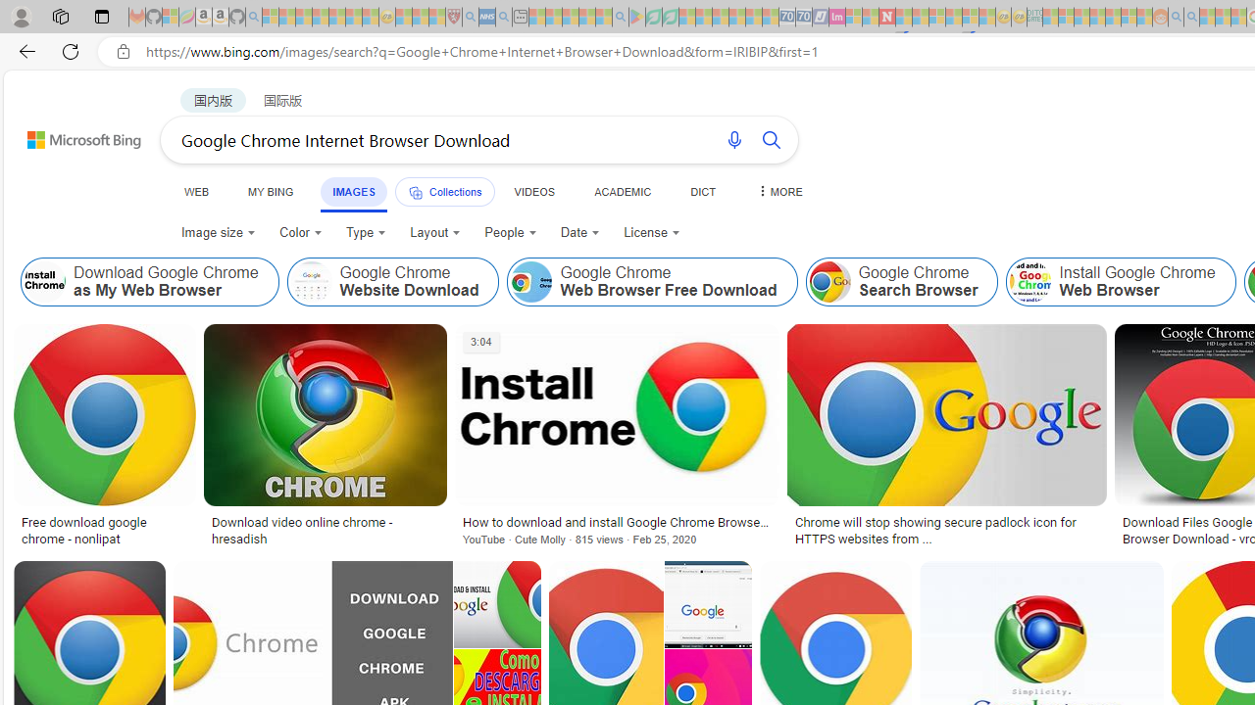 This screenshot has width=1255, height=705. I want to click on 'New Report Confirms 2023 Was Record Hot | Watch - Sleeping', so click(336, 17).